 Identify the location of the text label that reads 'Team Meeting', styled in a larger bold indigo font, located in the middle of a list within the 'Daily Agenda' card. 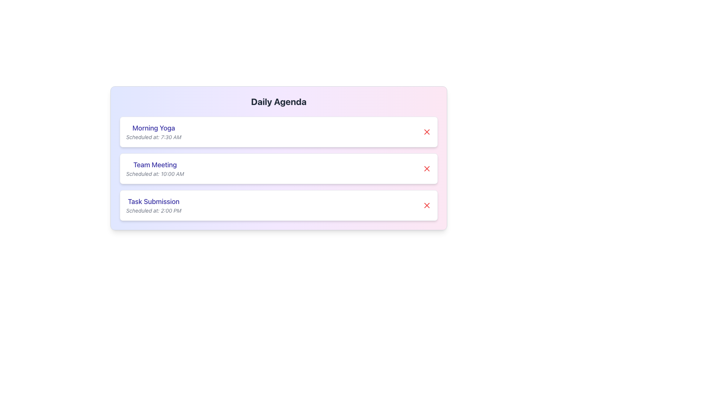
(155, 164).